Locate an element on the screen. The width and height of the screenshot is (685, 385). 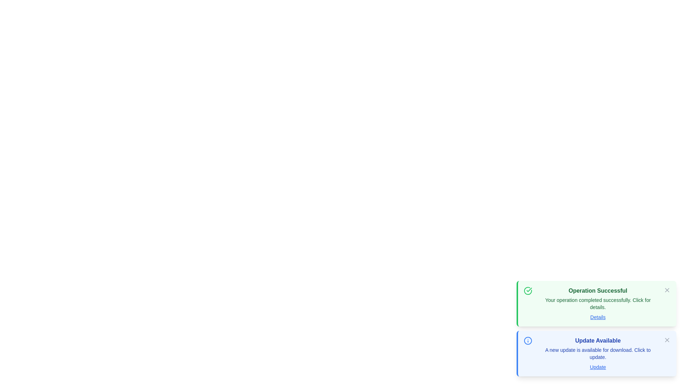
the small cross icon located in the top-right corner of the green notification panel labeled 'Operation Successful' is located at coordinates (667, 290).